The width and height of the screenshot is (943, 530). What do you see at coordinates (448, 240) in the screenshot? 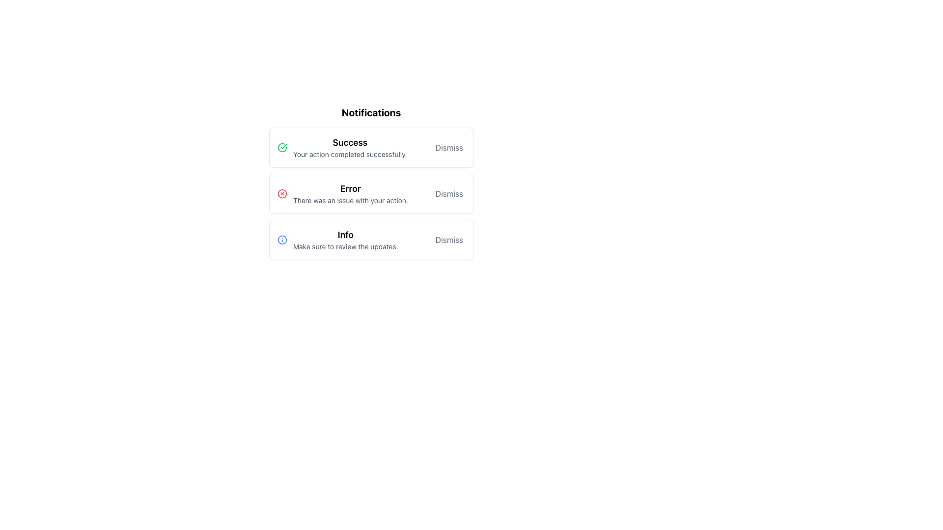
I see `the 'Dismiss' button in the bottom-right corner of the notification card titled 'Info' to observe the styling change` at bounding box center [448, 240].